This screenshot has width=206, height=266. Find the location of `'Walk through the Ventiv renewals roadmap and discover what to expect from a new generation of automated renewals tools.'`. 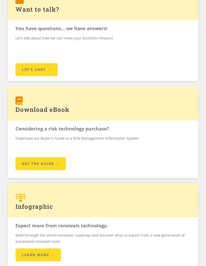

'Walk through the Ventiv renewals roadmap and discover what to expect from a new generation of automated renewals tools.' is located at coordinates (15, 238).